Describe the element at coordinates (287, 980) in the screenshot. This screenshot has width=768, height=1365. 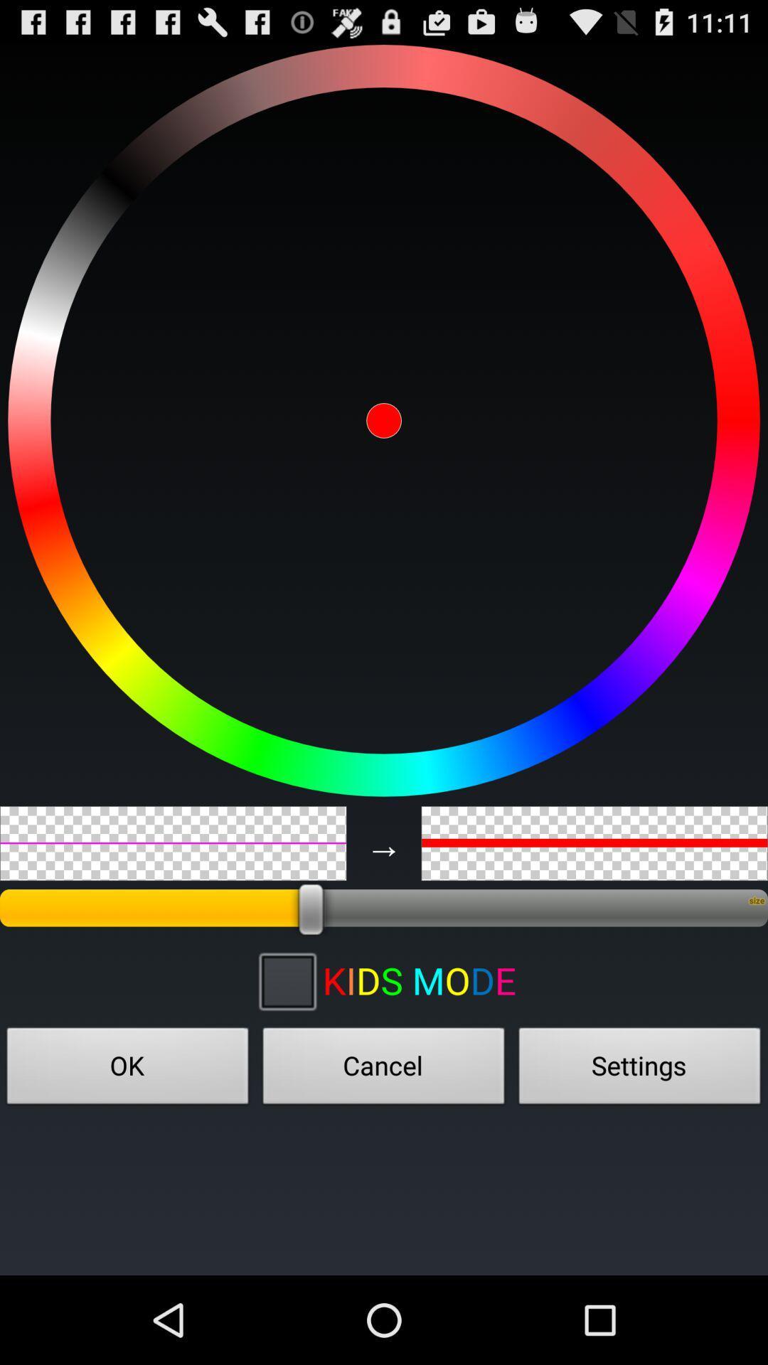
I see `the app next to the kids mode icon` at that location.